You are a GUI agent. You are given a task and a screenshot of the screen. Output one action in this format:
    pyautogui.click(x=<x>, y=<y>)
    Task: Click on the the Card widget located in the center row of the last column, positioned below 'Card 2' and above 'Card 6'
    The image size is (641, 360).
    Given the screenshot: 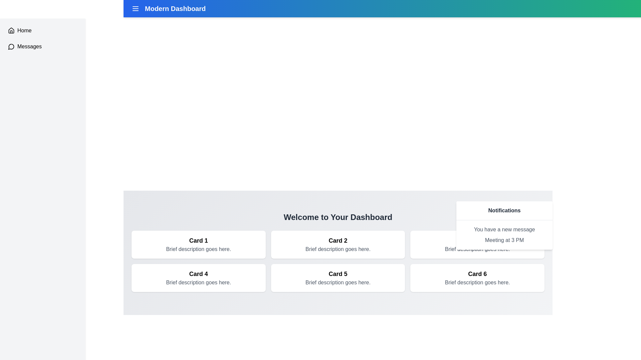 What is the action you would take?
    pyautogui.click(x=338, y=278)
    